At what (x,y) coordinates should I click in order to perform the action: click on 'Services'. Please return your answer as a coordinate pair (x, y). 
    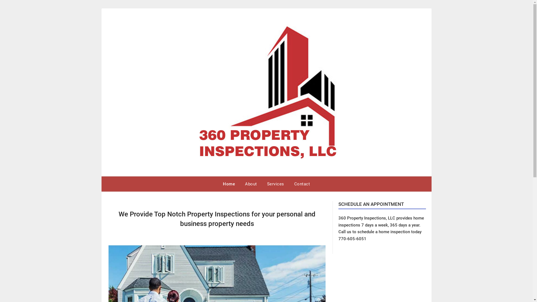
    Looking at the image, I should click on (275, 184).